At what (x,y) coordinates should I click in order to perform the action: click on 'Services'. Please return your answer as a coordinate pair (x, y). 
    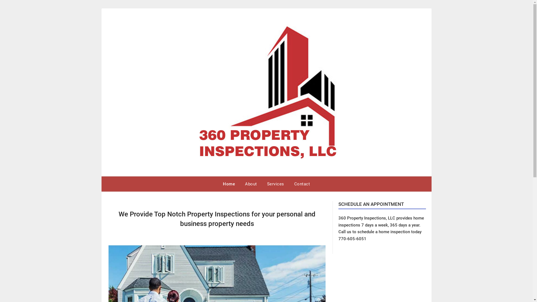
    Looking at the image, I should click on (275, 184).